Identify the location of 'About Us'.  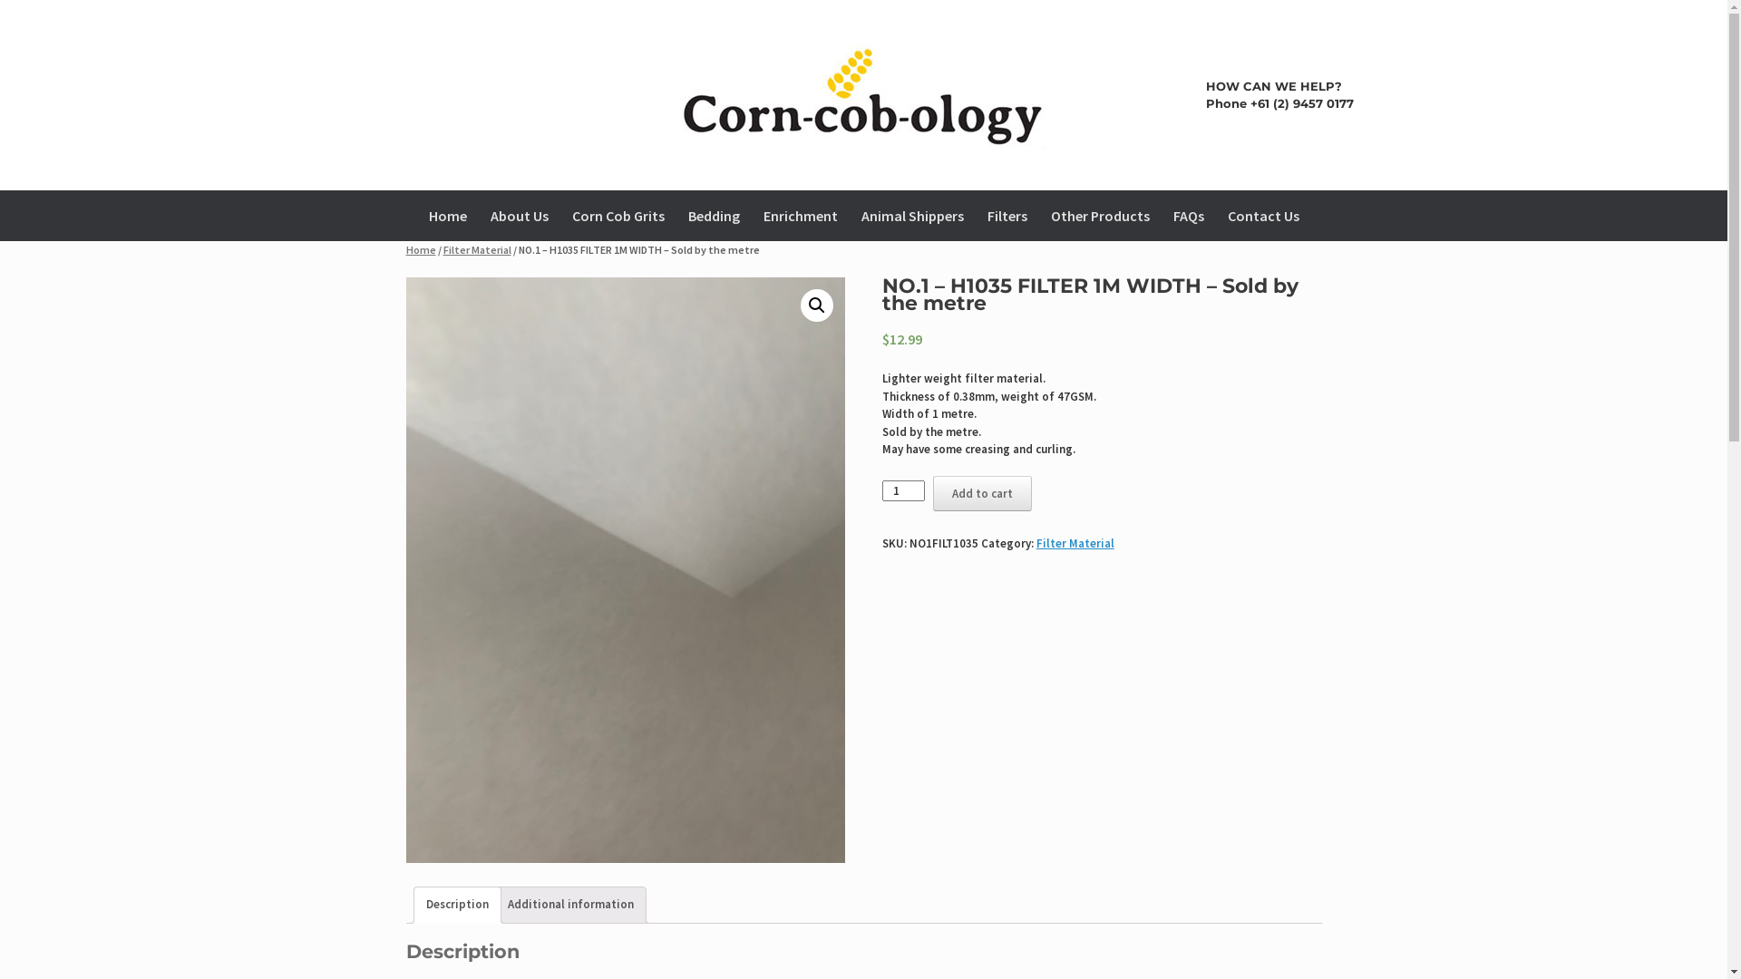
(518, 215).